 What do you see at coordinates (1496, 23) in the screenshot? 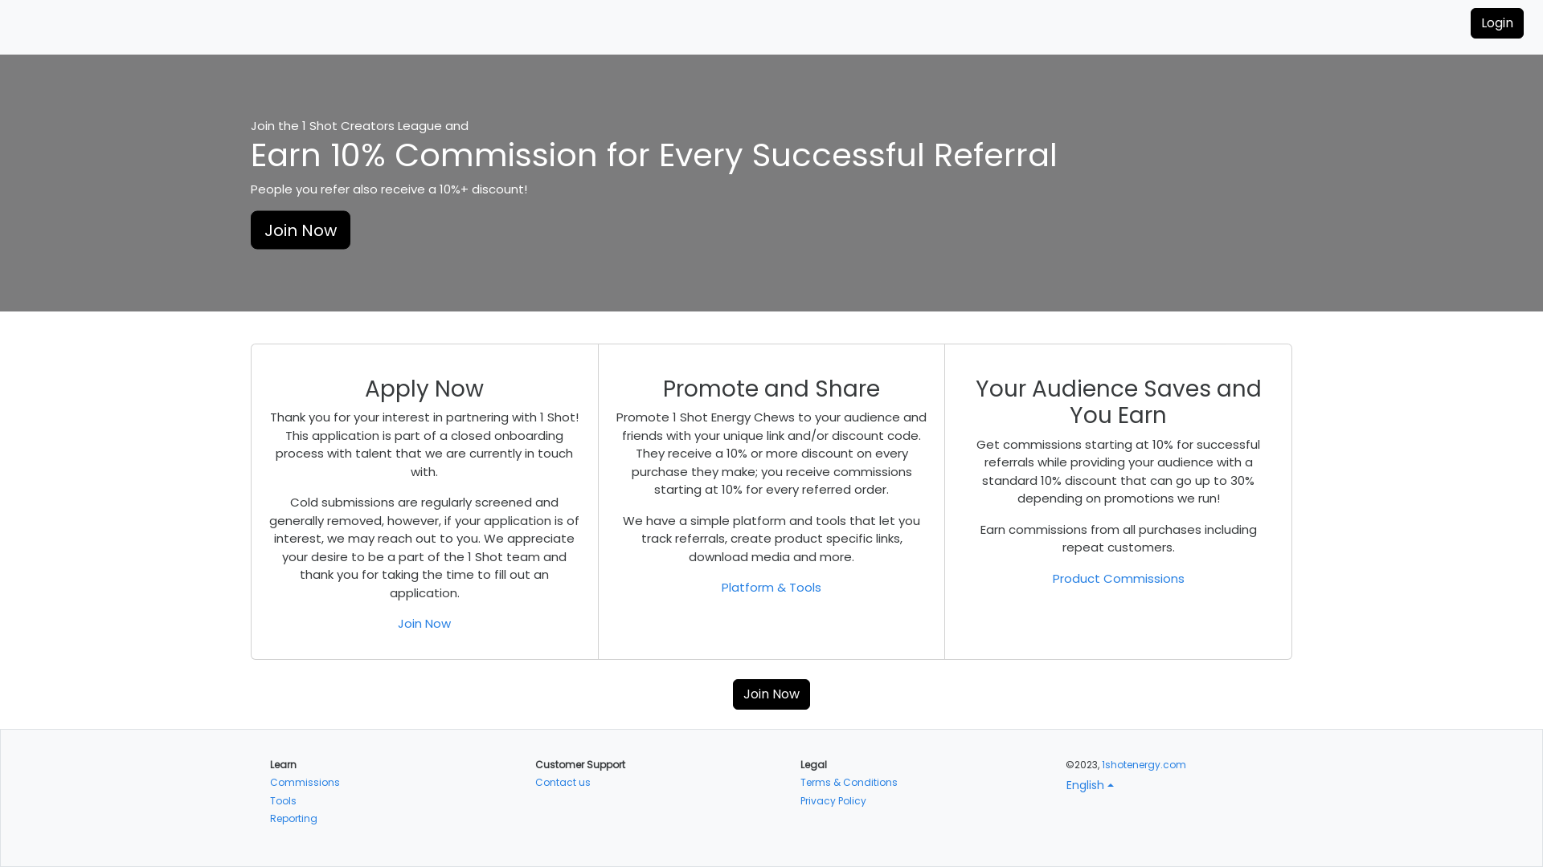
I see `'Login'` at bounding box center [1496, 23].